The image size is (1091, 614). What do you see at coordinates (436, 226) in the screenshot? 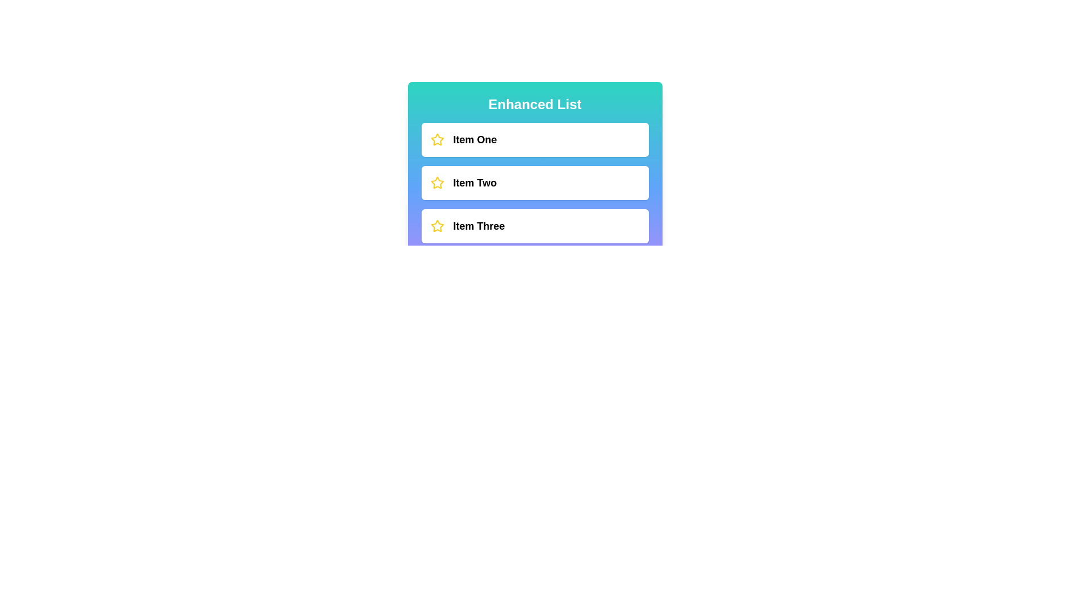
I see `the star icon next to Item Three to select it` at bounding box center [436, 226].